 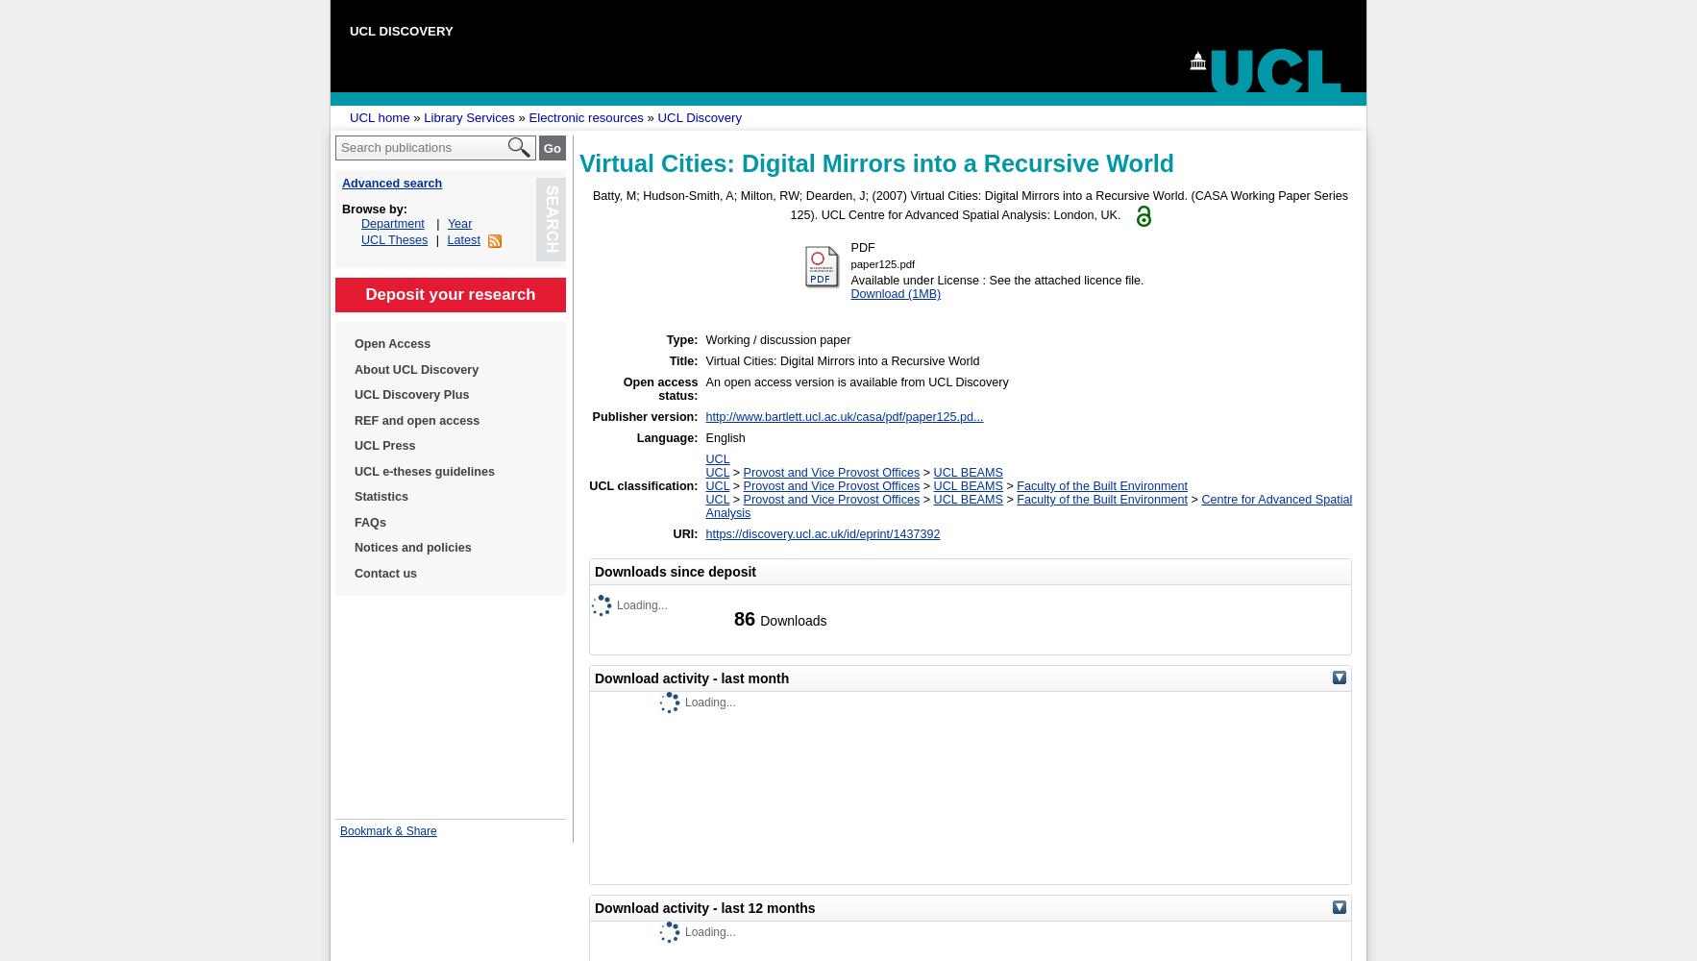 I want to click on 'About
                                    UCL Discovery', so click(x=415, y=369).